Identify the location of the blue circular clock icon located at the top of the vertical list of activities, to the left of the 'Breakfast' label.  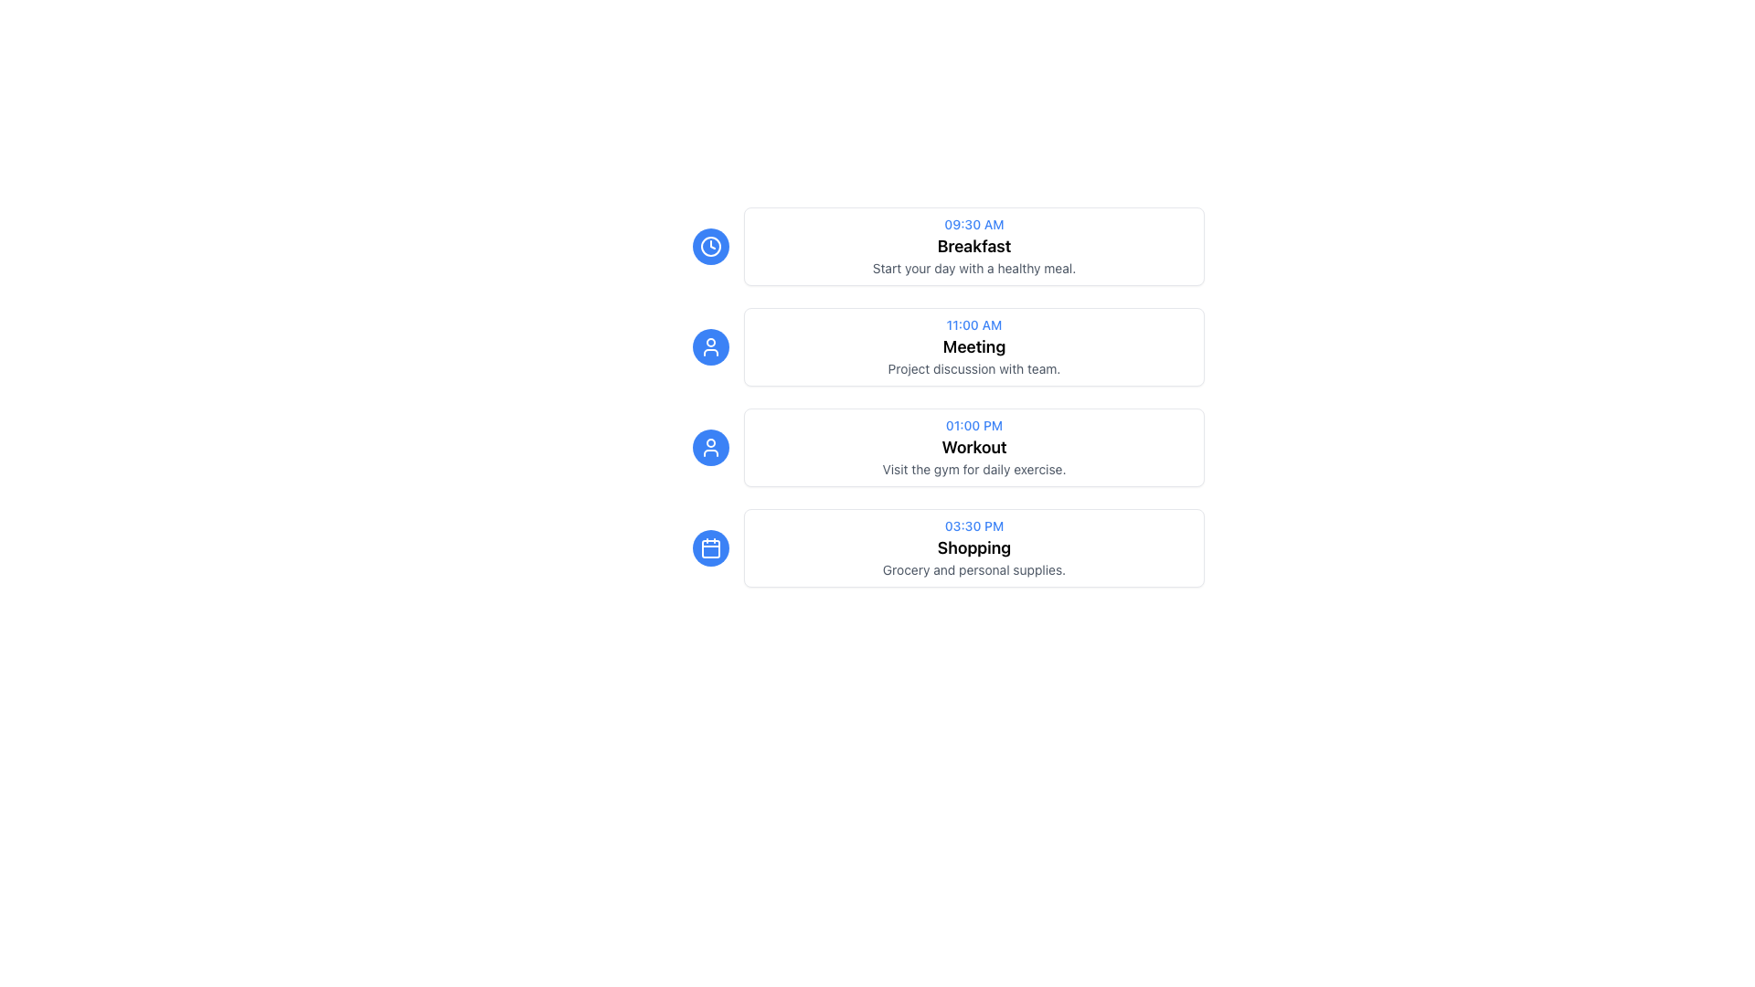
(709, 247).